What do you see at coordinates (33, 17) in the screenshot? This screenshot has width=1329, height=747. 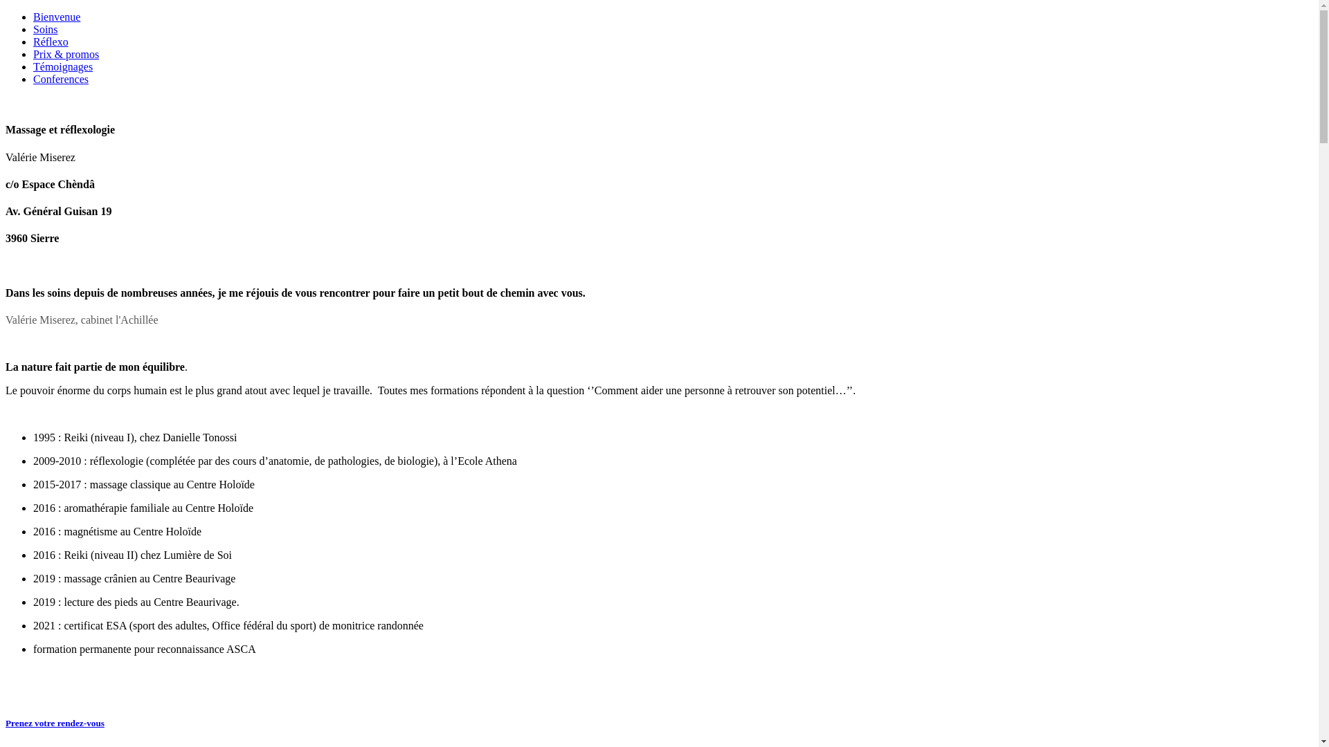 I see `'Bienvenue'` at bounding box center [33, 17].